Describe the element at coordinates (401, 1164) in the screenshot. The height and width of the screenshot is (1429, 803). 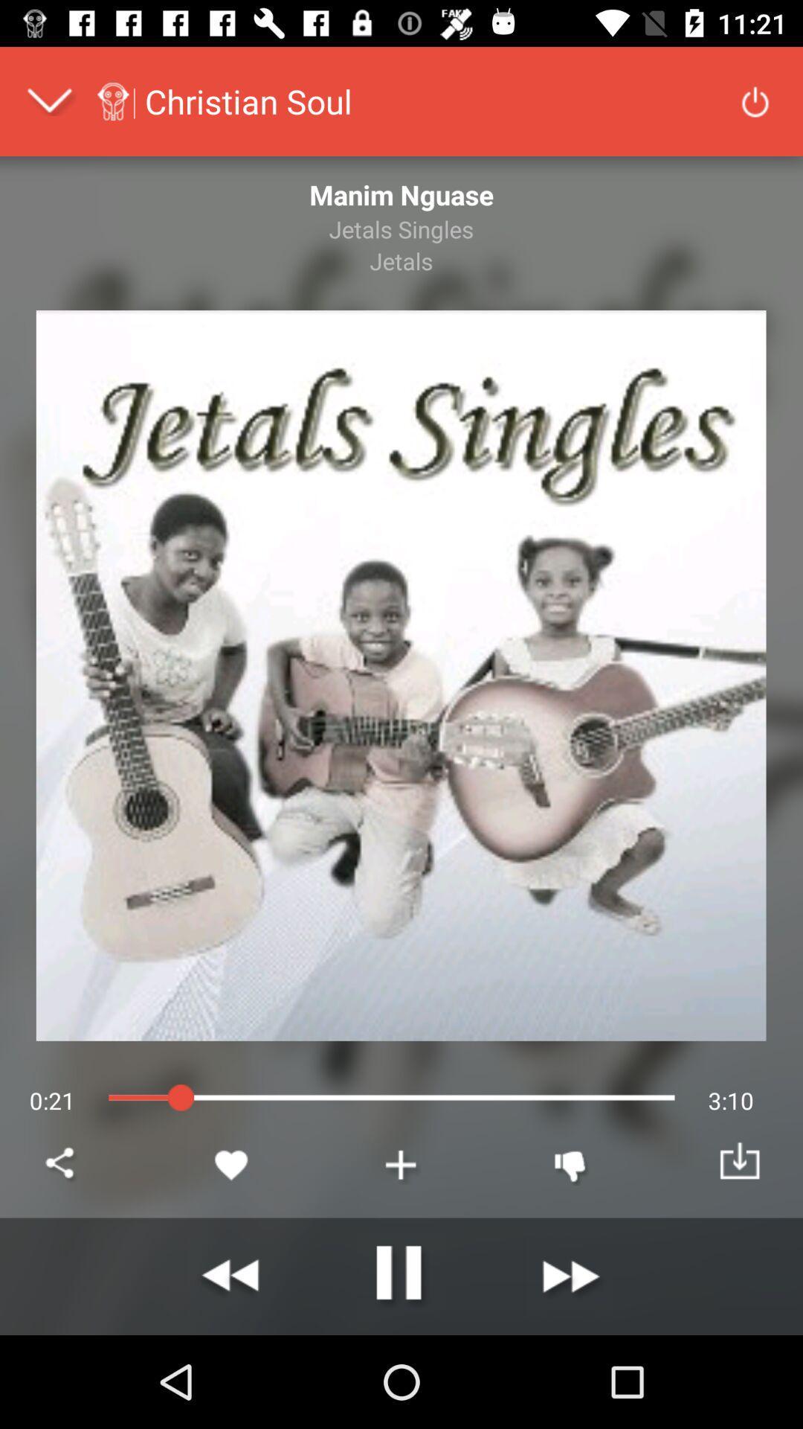
I see `the add icon` at that location.